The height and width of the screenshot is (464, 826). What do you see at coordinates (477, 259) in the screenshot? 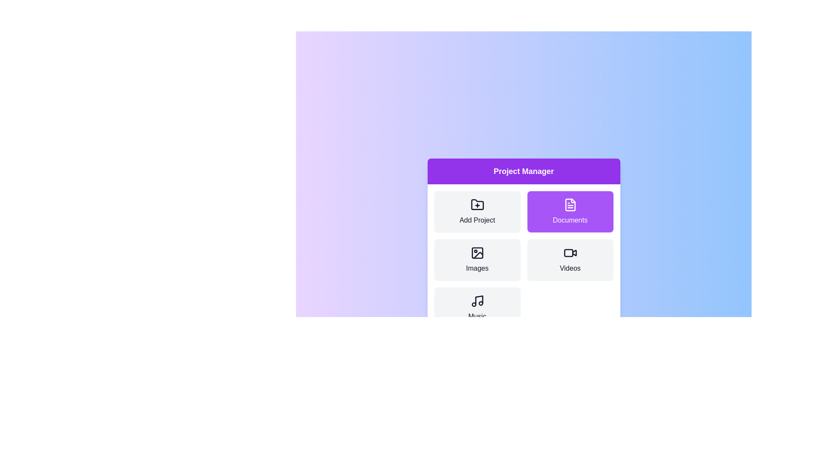
I see `the category Images to inspect the visual feedback` at bounding box center [477, 259].